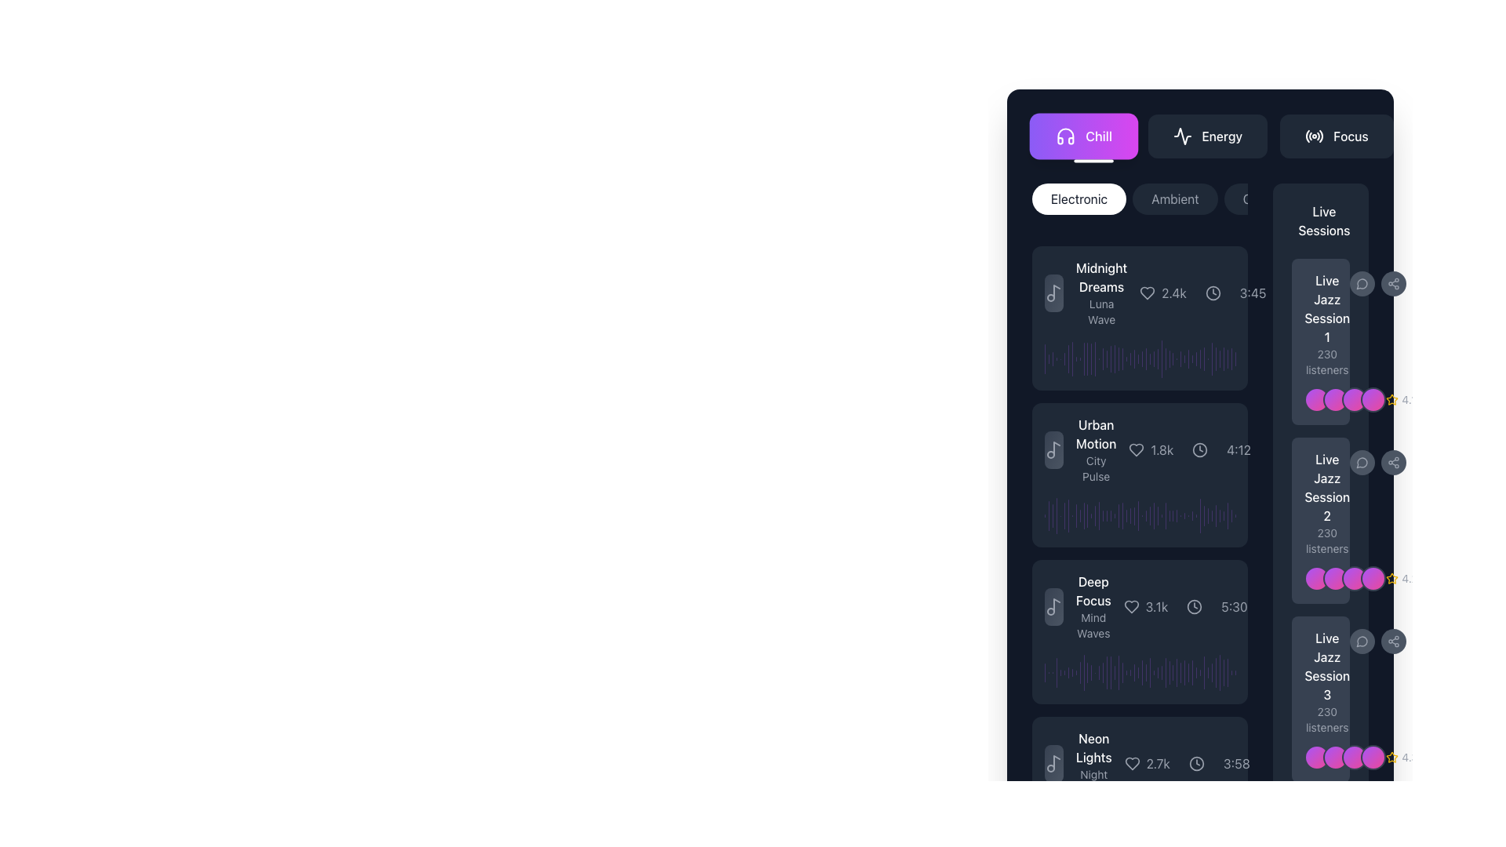  Describe the element at coordinates (1326, 666) in the screenshot. I see `the Text label for the live music session entry, which is located in the rightmost column of the interface, within the 'Live Sessions' section, positioned below 'Live Jazz Session 2' and above '230 listeners.'` at that location.